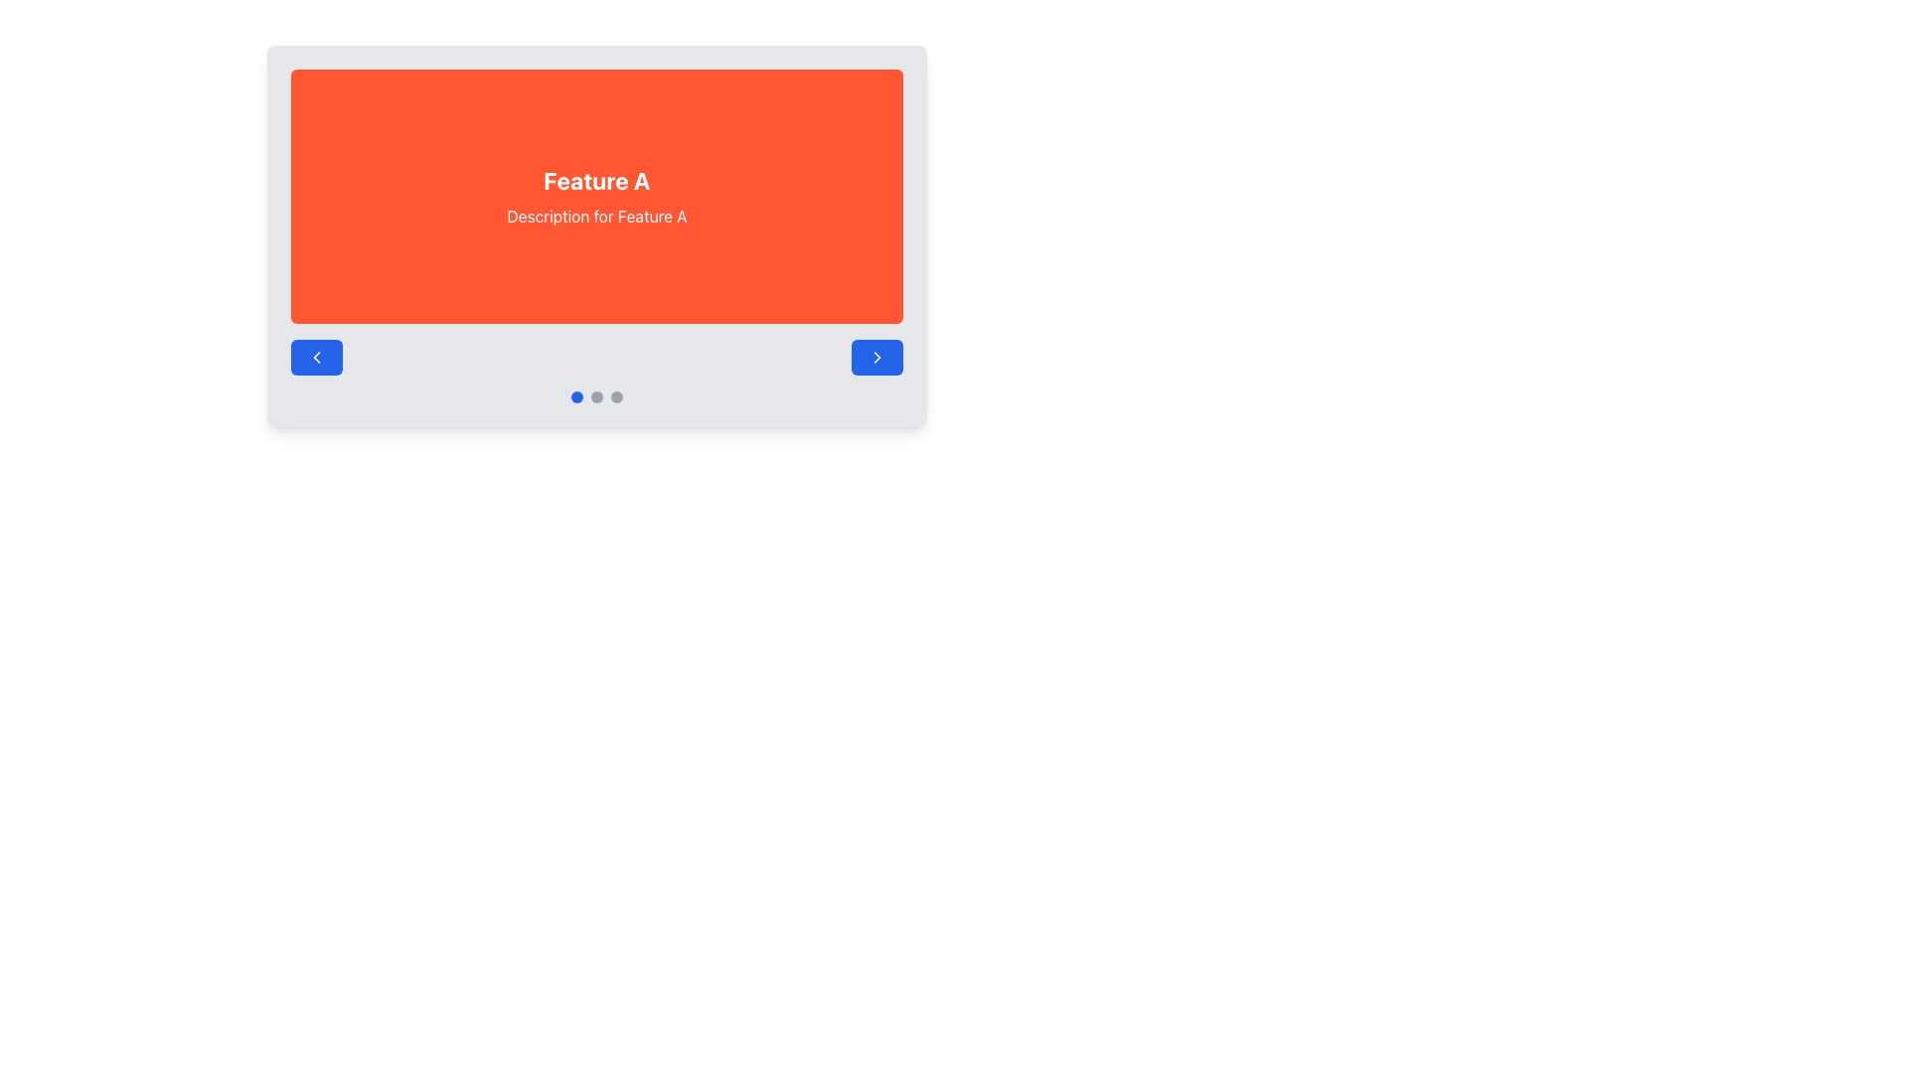 The width and height of the screenshot is (1908, 1073). What do you see at coordinates (595, 180) in the screenshot?
I see `the bold text labeled 'Feature A' which is prominently displayed in a large font size on a vibrant orange background, located at the top-center of the interface` at bounding box center [595, 180].